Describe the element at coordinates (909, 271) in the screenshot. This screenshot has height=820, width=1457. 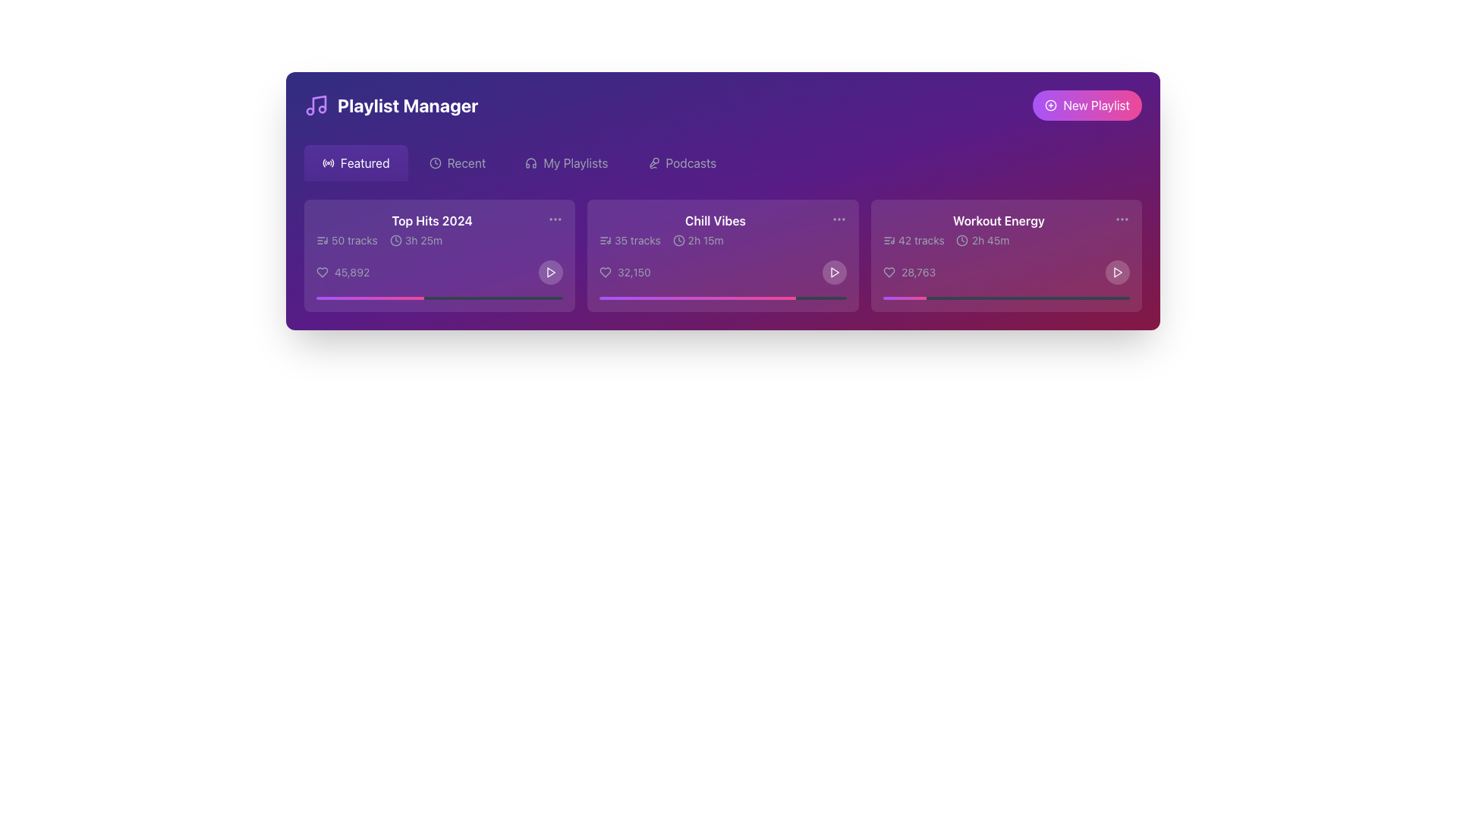
I see `the clickable label paired with an icon in the bottom-left corner of the 'Workout Energy' section` at that location.